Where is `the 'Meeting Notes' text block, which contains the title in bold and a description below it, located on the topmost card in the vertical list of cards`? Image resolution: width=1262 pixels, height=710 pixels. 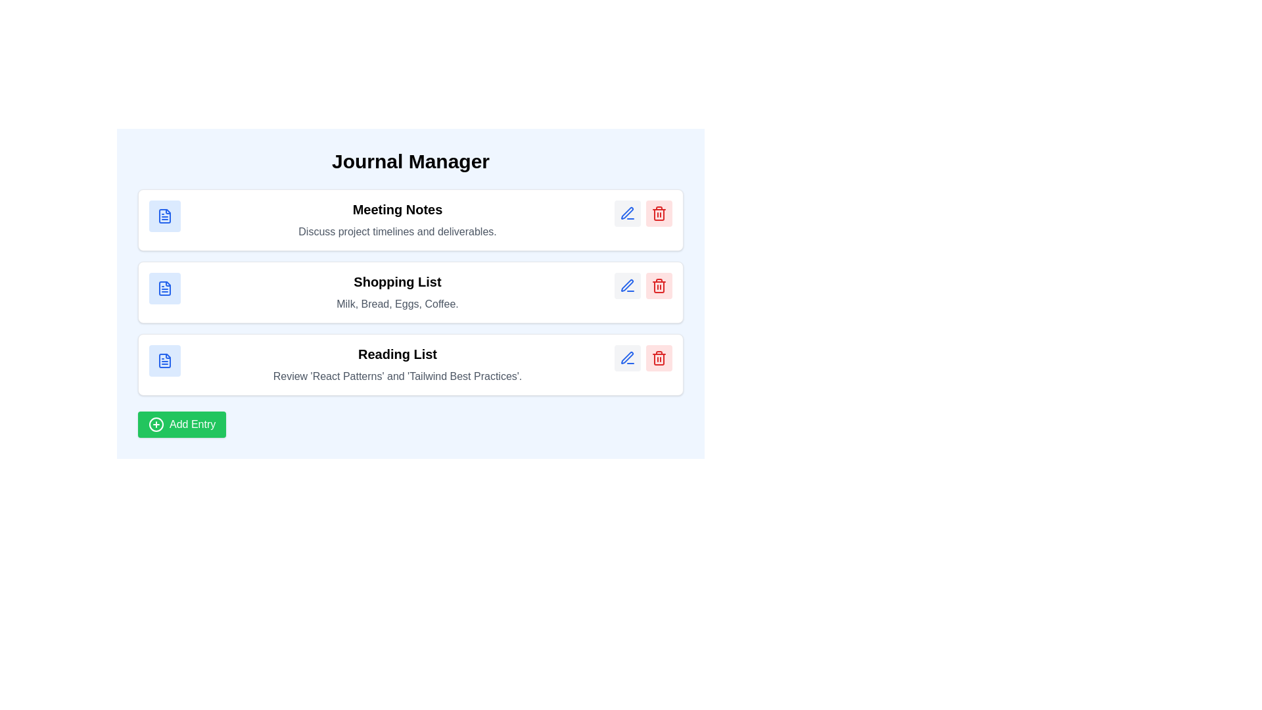 the 'Meeting Notes' text block, which contains the title in bold and a description below it, located on the topmost card in the vertical list of cards is located at coordinates (396, 220).